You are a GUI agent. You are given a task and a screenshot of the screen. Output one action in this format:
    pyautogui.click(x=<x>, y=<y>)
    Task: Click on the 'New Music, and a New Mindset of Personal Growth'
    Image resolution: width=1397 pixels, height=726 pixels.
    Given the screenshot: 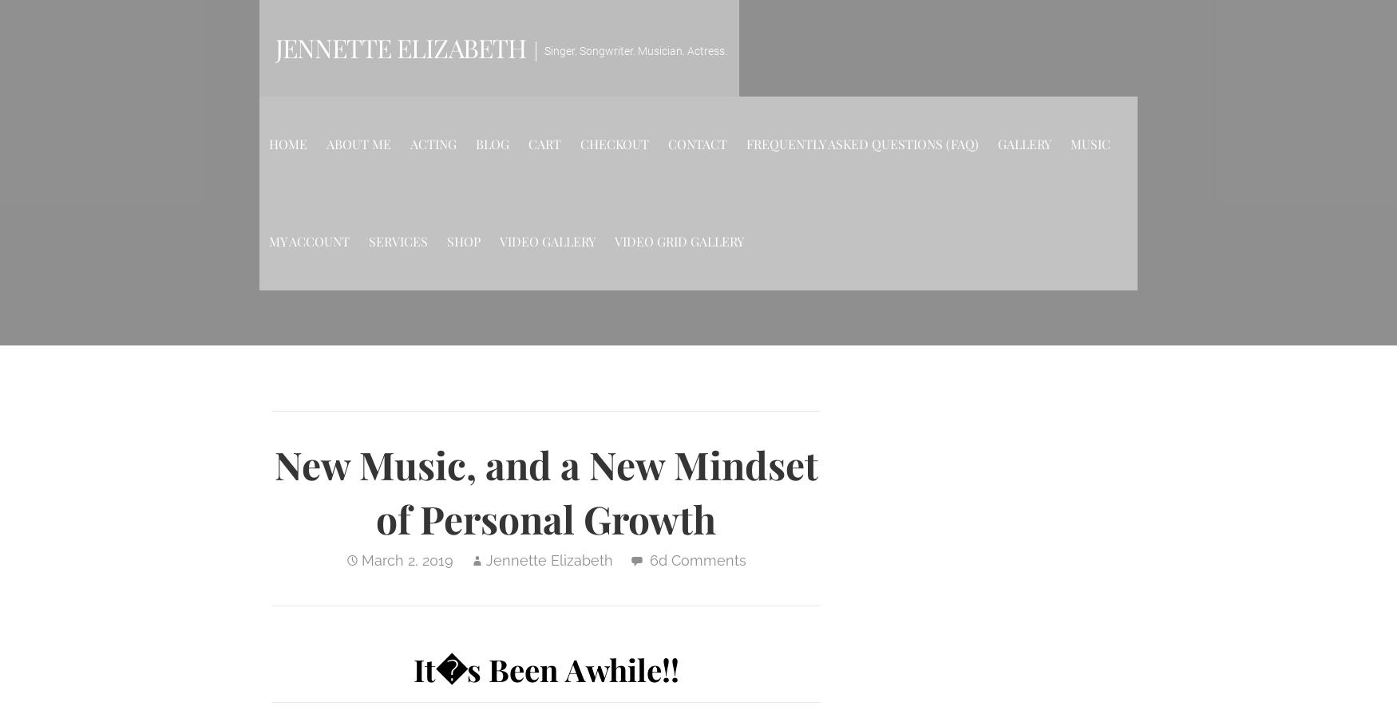 What is the action you would take?
    pyautogui.click(x=274, y=490)
    